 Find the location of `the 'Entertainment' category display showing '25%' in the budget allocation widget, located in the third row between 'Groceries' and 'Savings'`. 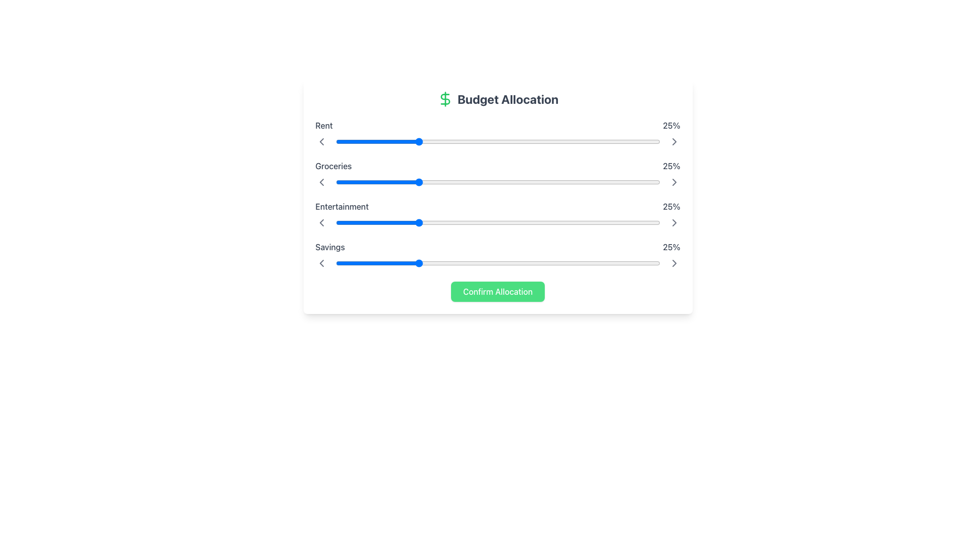

the 'Entertainment' category display showing '25%' in the budget allocation widget, located in the third row between 'Groceries' and 'Savings' is located at coordinates (498, 206).